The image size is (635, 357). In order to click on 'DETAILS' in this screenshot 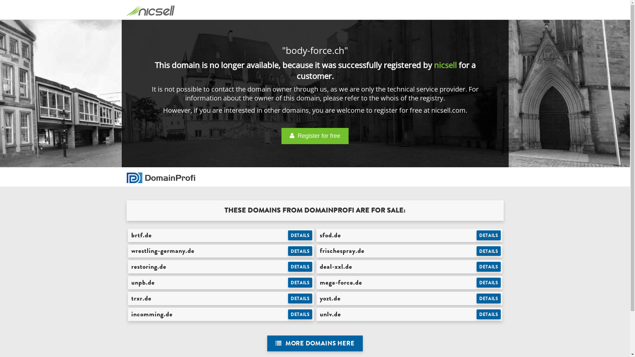, I will do `click(488, 298)`.